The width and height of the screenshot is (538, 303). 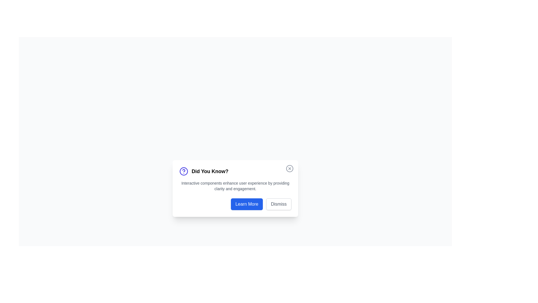 I want to click on the close button located in the top-right corner of the dialog box, so click(x=289, y=168).